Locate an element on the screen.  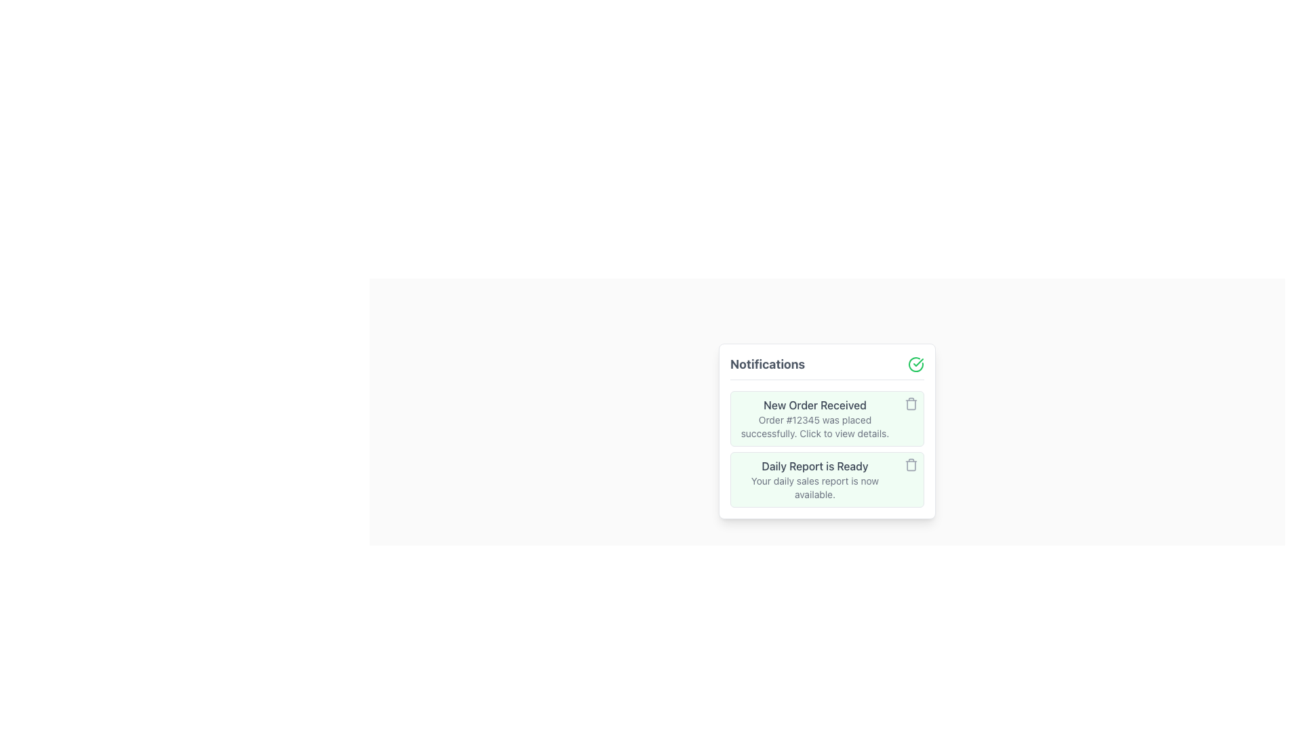
the delete button located at the far right of the notification card that contains the text 'New Order Received' is located at coordinates (911, 403).